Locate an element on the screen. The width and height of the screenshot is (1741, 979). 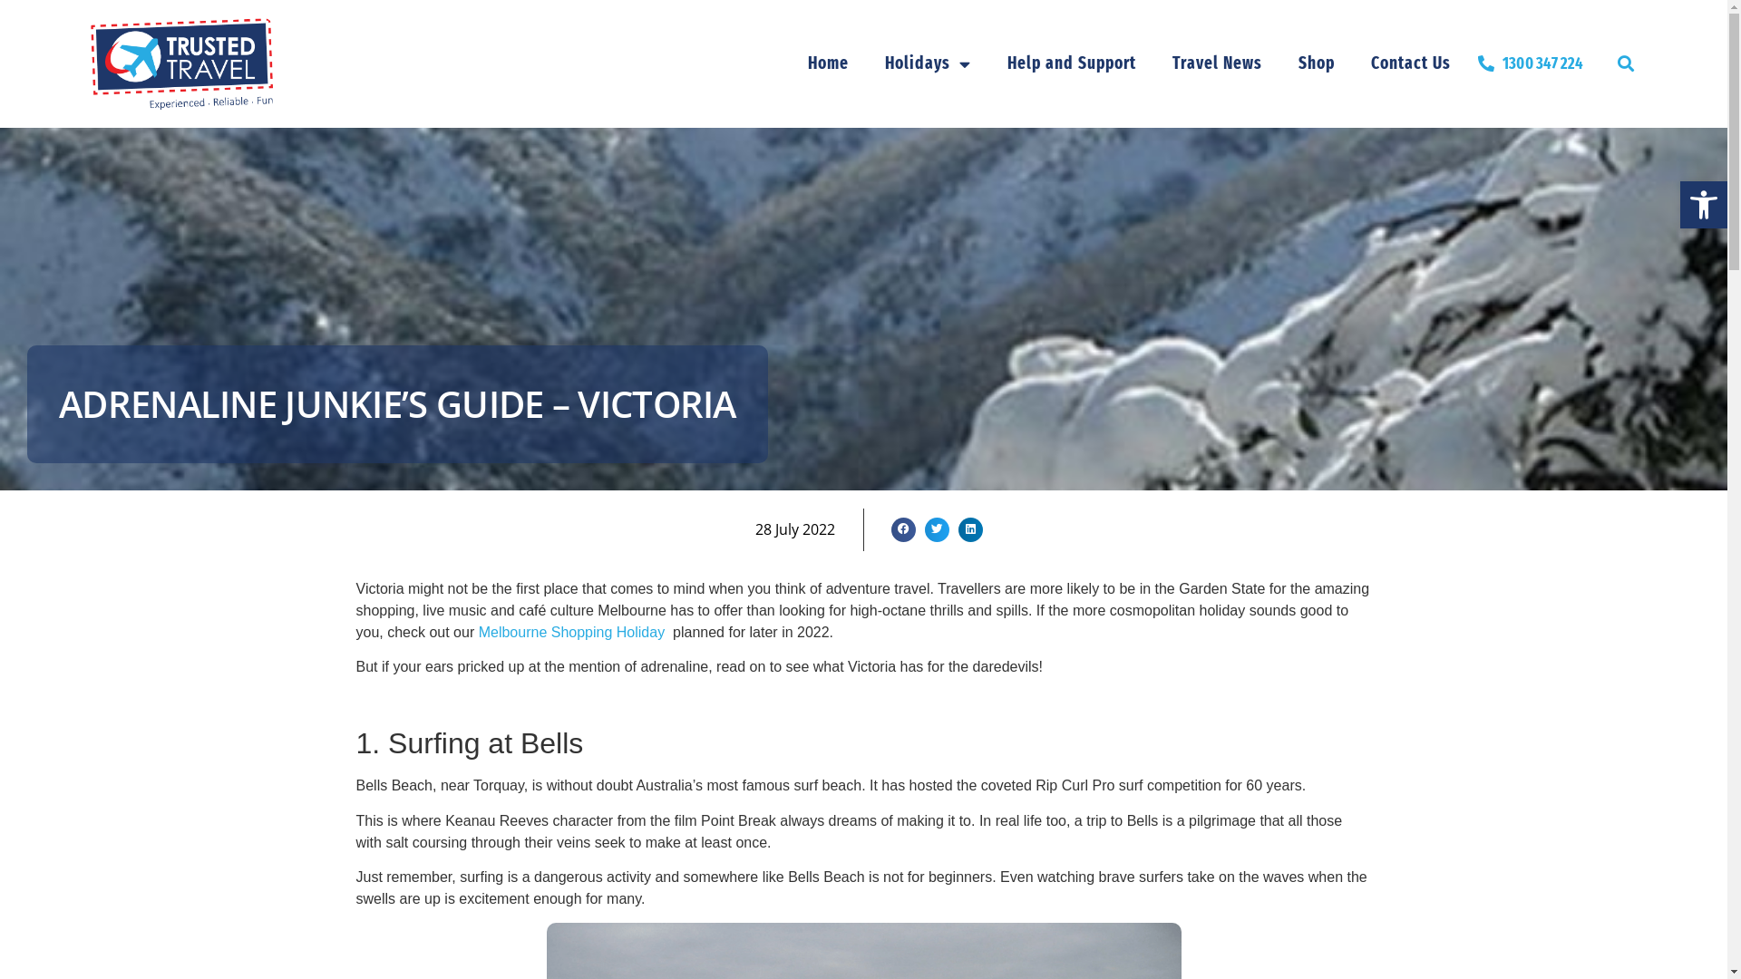
'Contact Us' is located at coordinates (1409, 62).